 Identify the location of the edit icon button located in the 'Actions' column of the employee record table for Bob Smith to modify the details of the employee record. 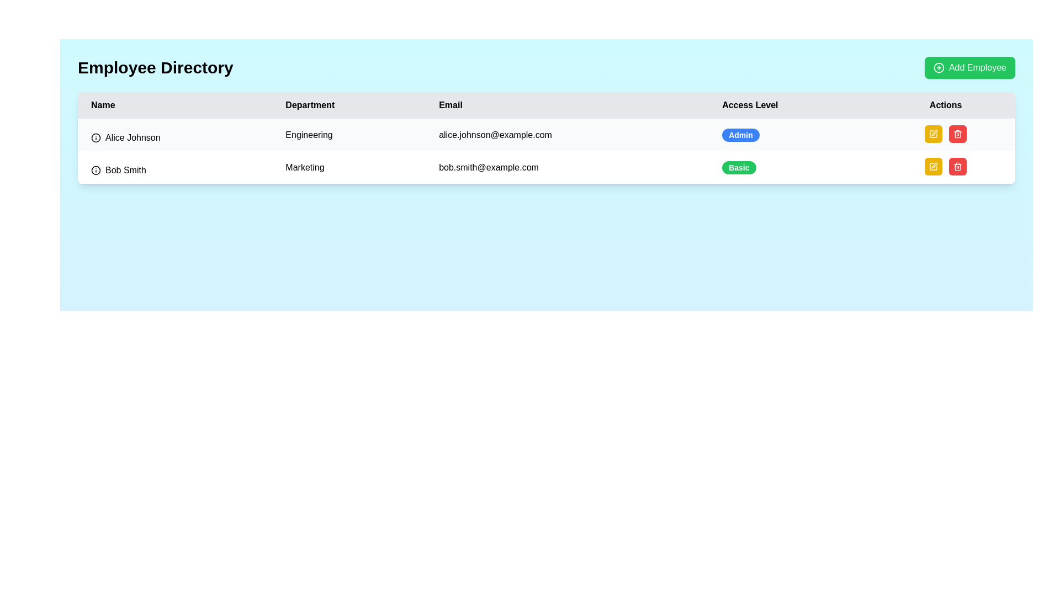
(934, 132).